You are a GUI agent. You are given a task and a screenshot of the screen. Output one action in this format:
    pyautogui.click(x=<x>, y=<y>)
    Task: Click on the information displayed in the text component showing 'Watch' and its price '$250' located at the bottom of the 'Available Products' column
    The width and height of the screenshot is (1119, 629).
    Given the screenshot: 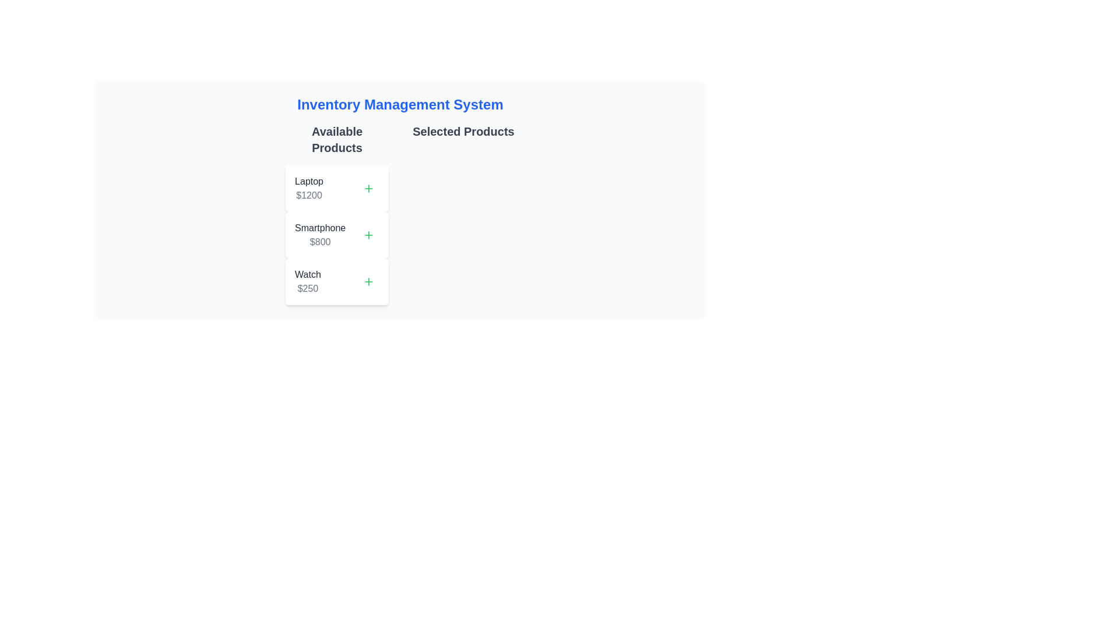 What is the action you would take?
    pyautogui.click(x=308, y=281)
    